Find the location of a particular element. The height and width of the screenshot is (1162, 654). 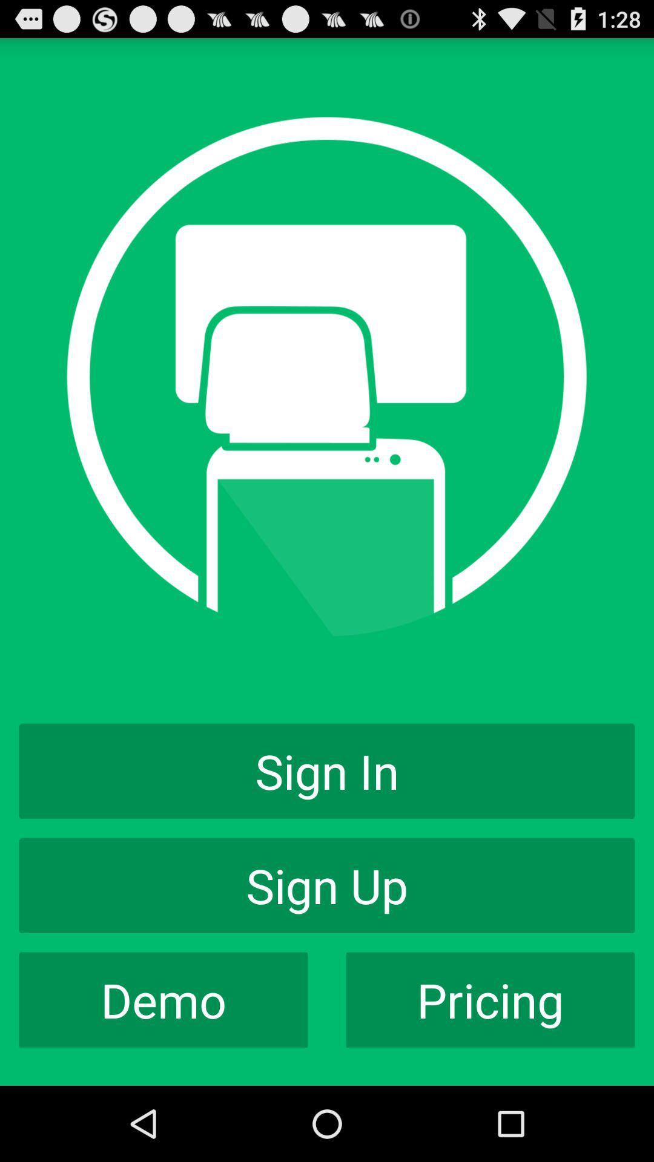

the sign in item is located at coordinates (327, 770).